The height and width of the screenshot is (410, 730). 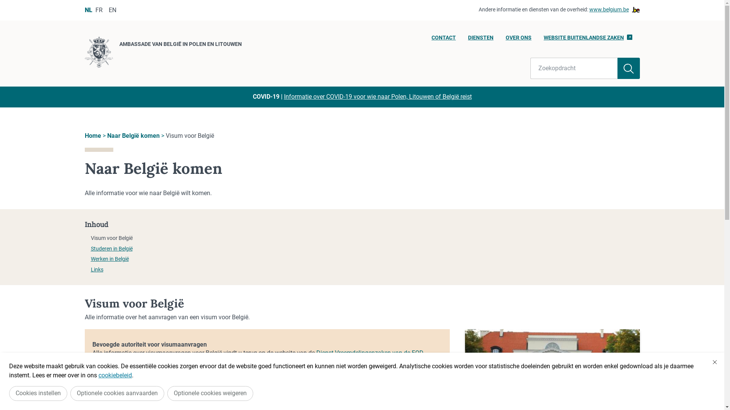 What do you see at coordinates (108, 10) in the screenshot?
I see `'EN'` at bounding box center [108, 10].